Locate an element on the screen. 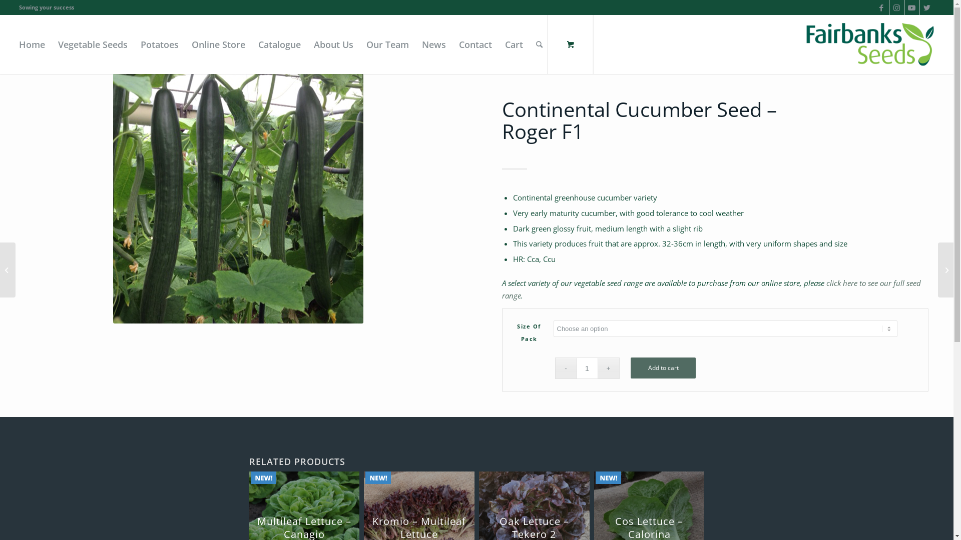 Image resolution: width=961 pixels, height=540 pixels. 'Roger1' is located at coordinates (237, 198).